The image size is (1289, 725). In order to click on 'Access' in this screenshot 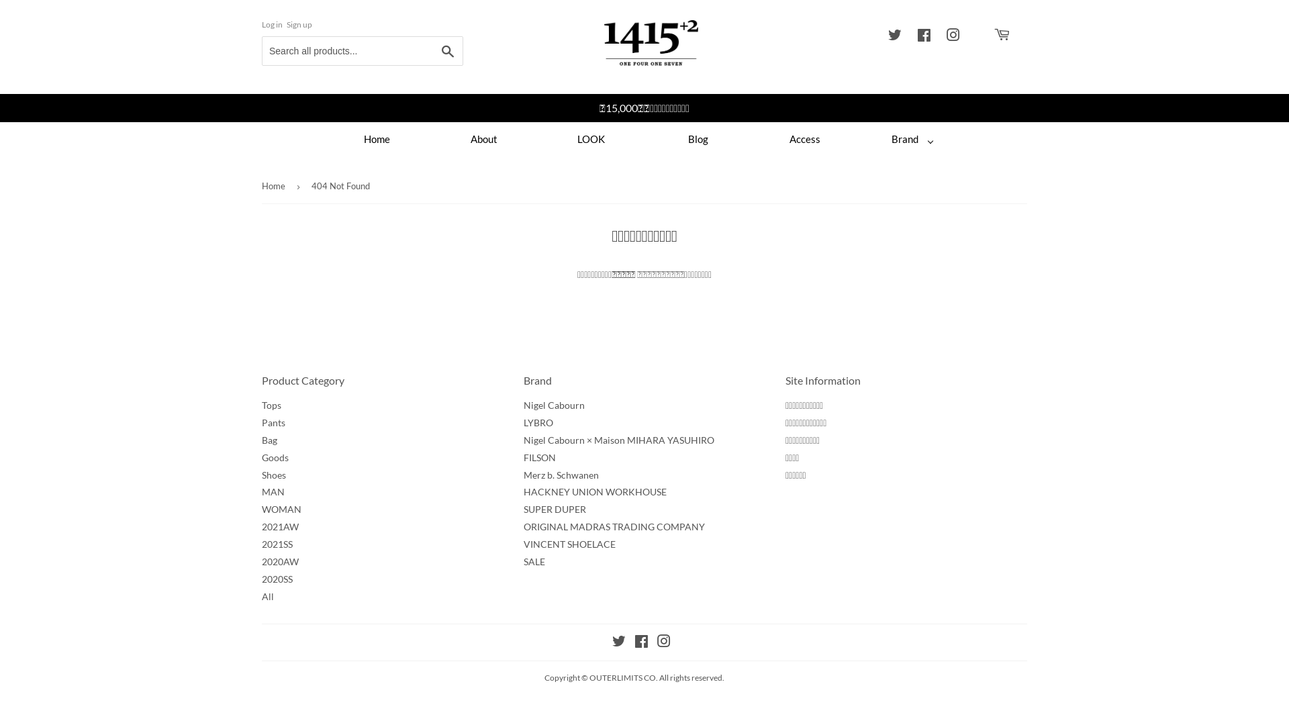, I will do `click(806, 139)`.